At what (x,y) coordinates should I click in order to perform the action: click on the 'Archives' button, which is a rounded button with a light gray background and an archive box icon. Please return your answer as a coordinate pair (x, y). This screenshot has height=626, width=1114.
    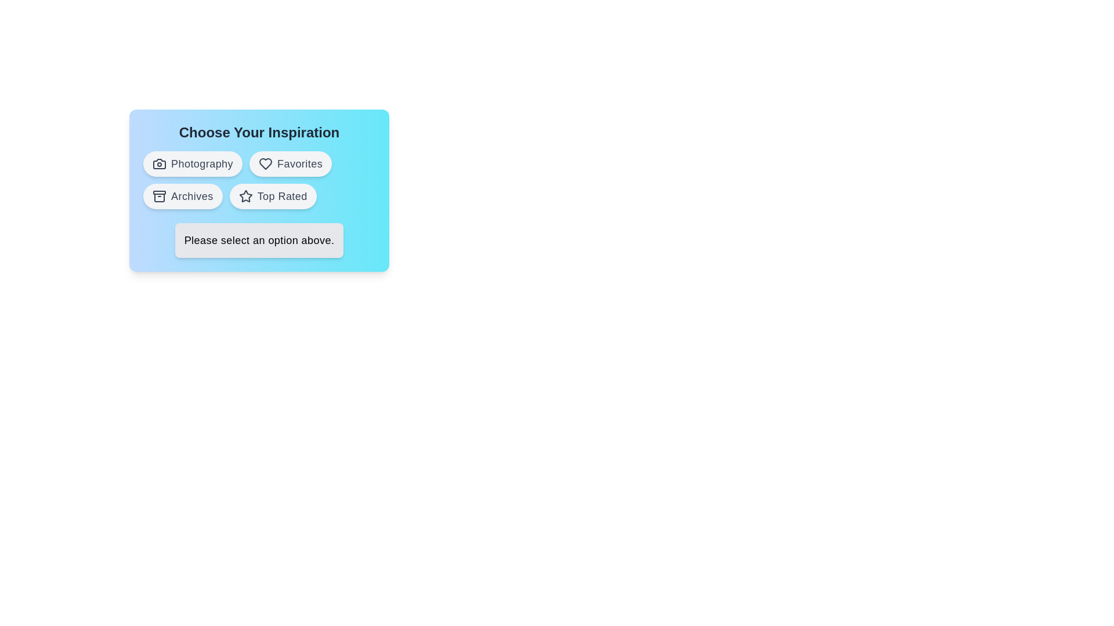
    Looking at the image, I should click on (182, 196).